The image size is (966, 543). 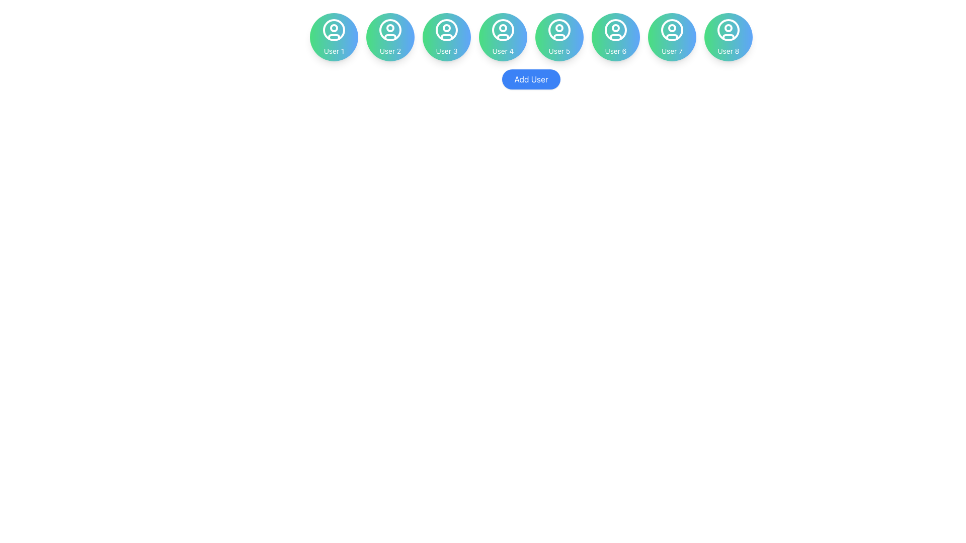 What do you see at coordinates (334, 30) in the screenshot?
I see `the circular user profile icon representing 'User 1', which is the first icon in a horizontal sequence at the top center of the interface` at bounding box center [334, 30].